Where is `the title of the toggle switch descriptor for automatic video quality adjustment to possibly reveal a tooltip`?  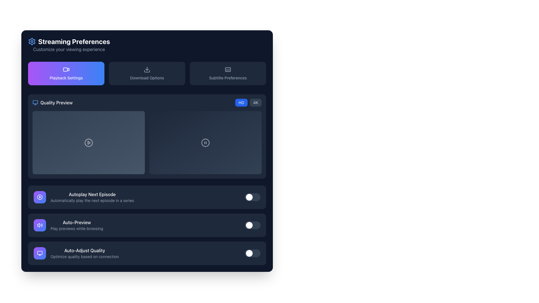 the title of the toggle switch descriptor for automatic video quality adjustment to possibly reveal a tooltip is located at coordinates (76, 253).